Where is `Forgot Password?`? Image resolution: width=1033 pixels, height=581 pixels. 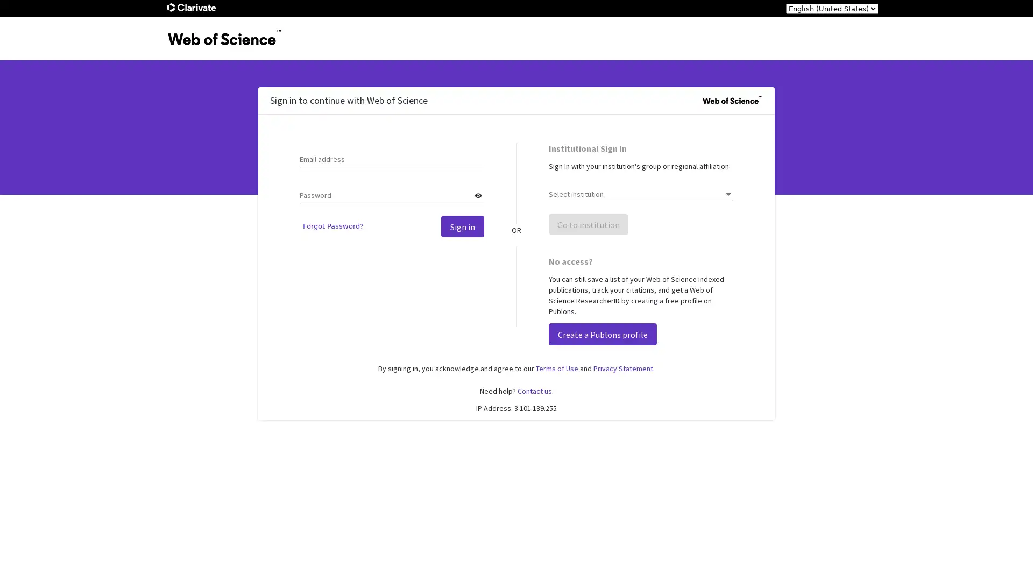
Forgot Password? is located at coordinates (332, 225).